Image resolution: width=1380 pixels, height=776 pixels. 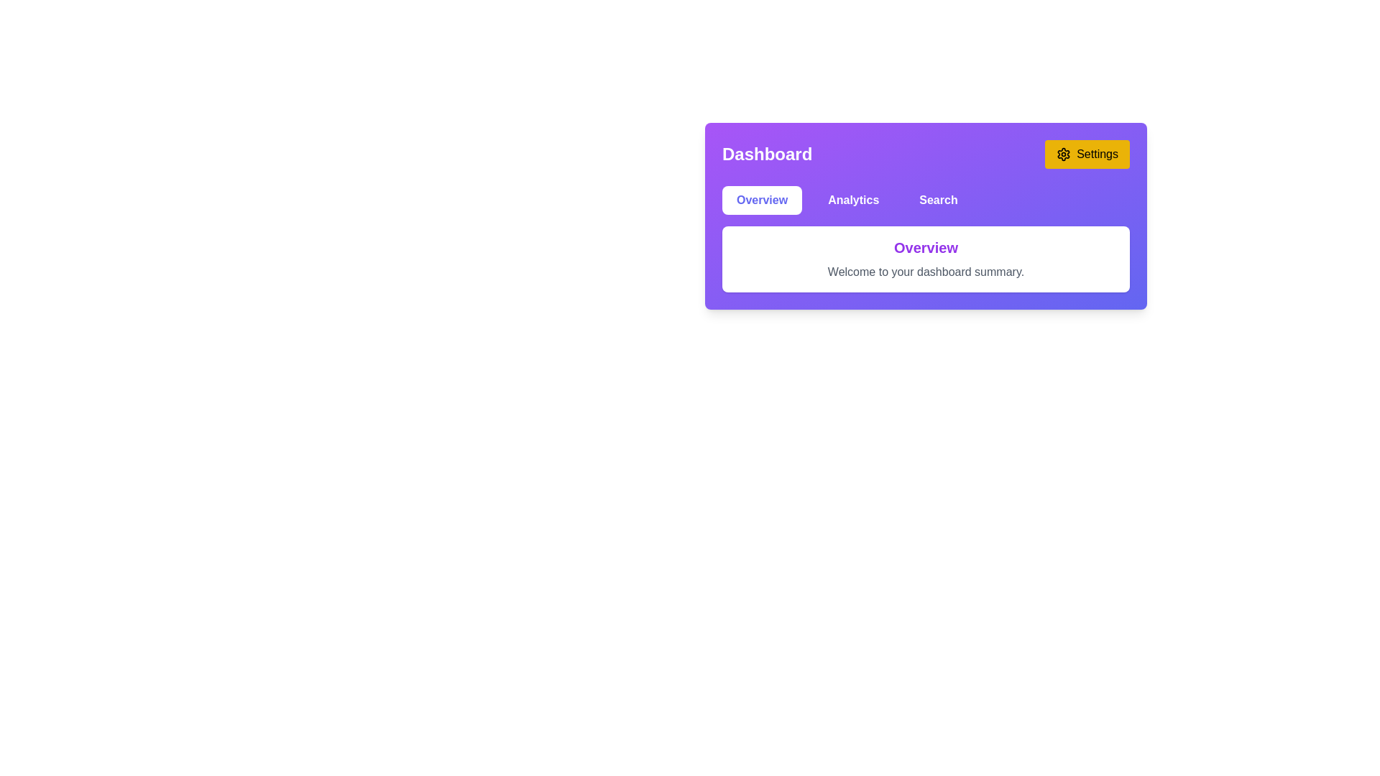 What do you see at coordinates (761, 200) in the screenshot?
I see `the first button labeled 'Overview' with a white background and purple text` at bounding box center [761, 200].